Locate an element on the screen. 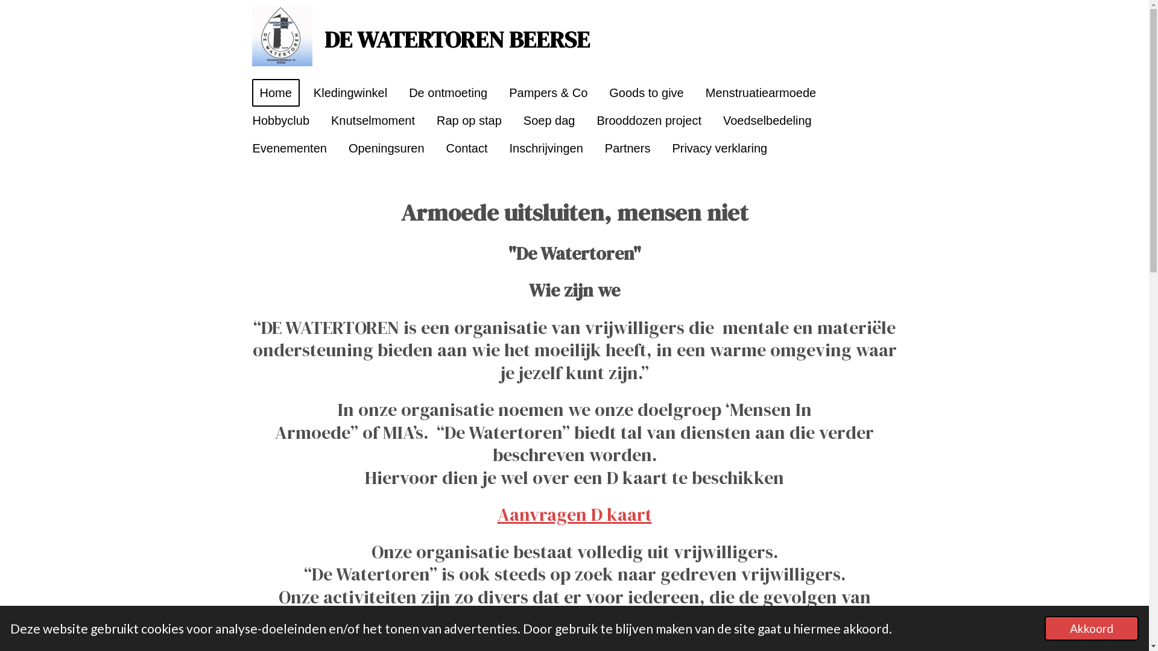 The image size is (1158, 651). 'Privacy verklaring' is located at coordinates (720, 148).